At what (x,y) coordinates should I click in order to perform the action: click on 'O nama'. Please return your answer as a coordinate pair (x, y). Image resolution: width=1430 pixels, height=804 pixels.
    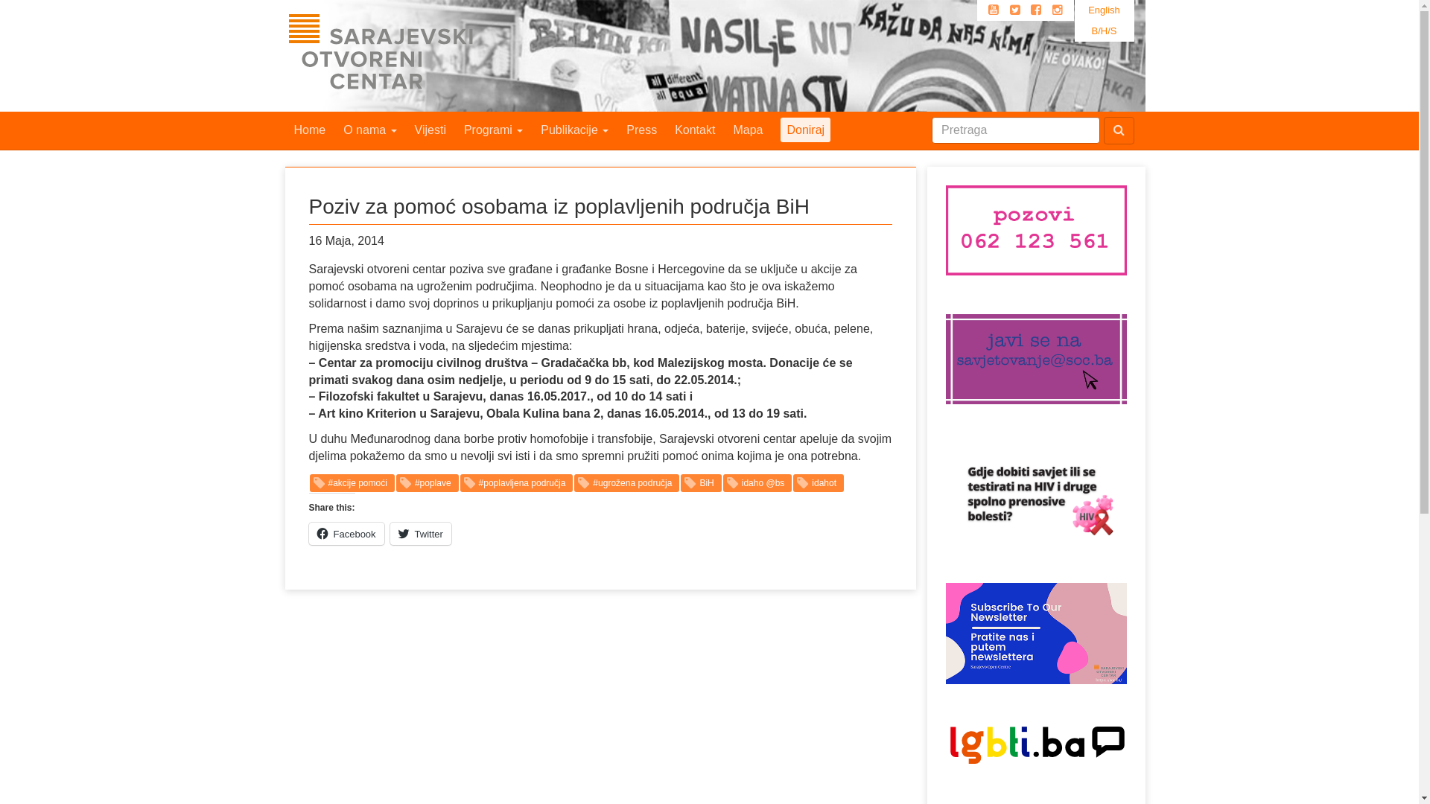
    Looking at the image, I should click on (334, 129).